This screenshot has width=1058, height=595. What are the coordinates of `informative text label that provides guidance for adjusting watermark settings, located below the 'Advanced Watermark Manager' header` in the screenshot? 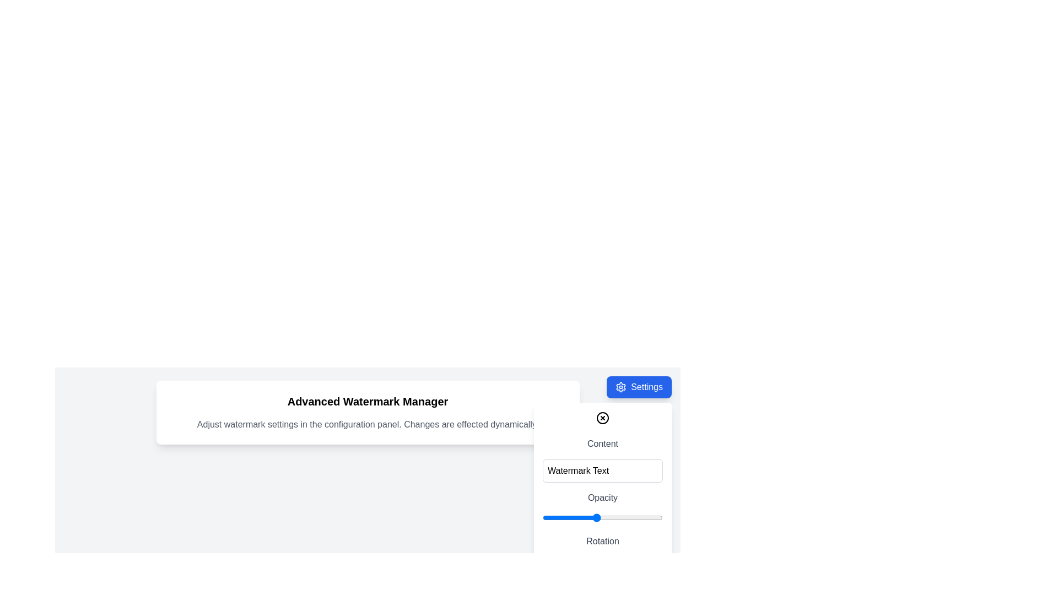 It's located at (368, 424).